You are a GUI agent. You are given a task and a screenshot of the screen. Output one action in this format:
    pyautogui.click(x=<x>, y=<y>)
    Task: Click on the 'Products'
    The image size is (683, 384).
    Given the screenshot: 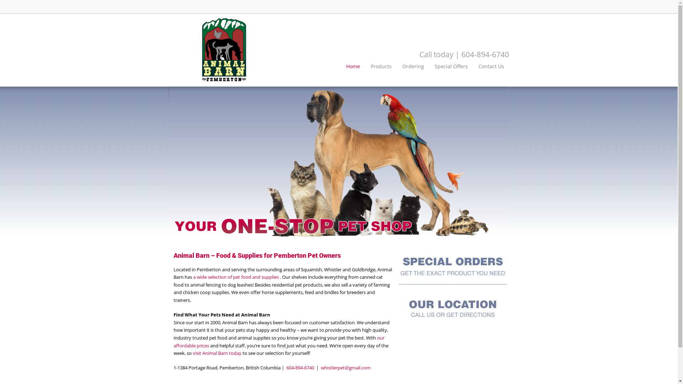 What is the action you would take?
    pyautogui.click(x=381, y=66)
    